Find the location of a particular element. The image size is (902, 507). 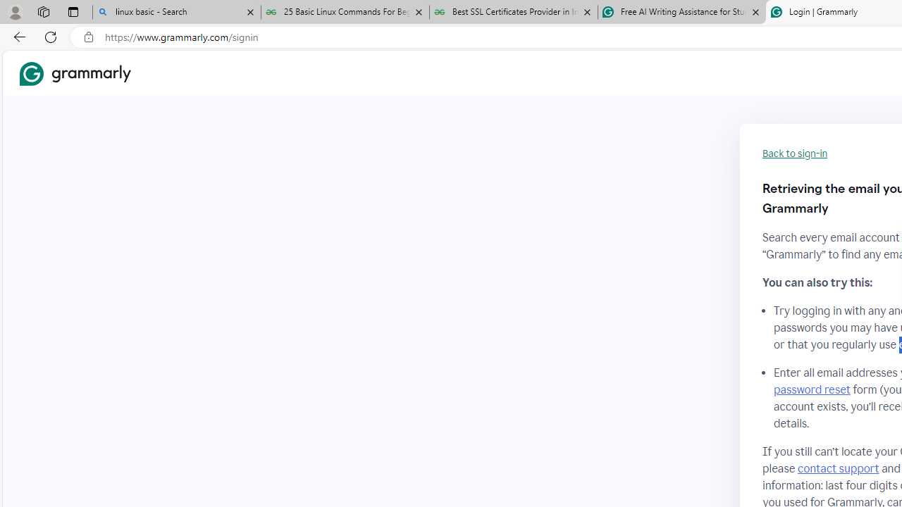

'25 Basic Linux Commands For Beginners - GeeksforGeeks' is located at coordinates (345, 12).